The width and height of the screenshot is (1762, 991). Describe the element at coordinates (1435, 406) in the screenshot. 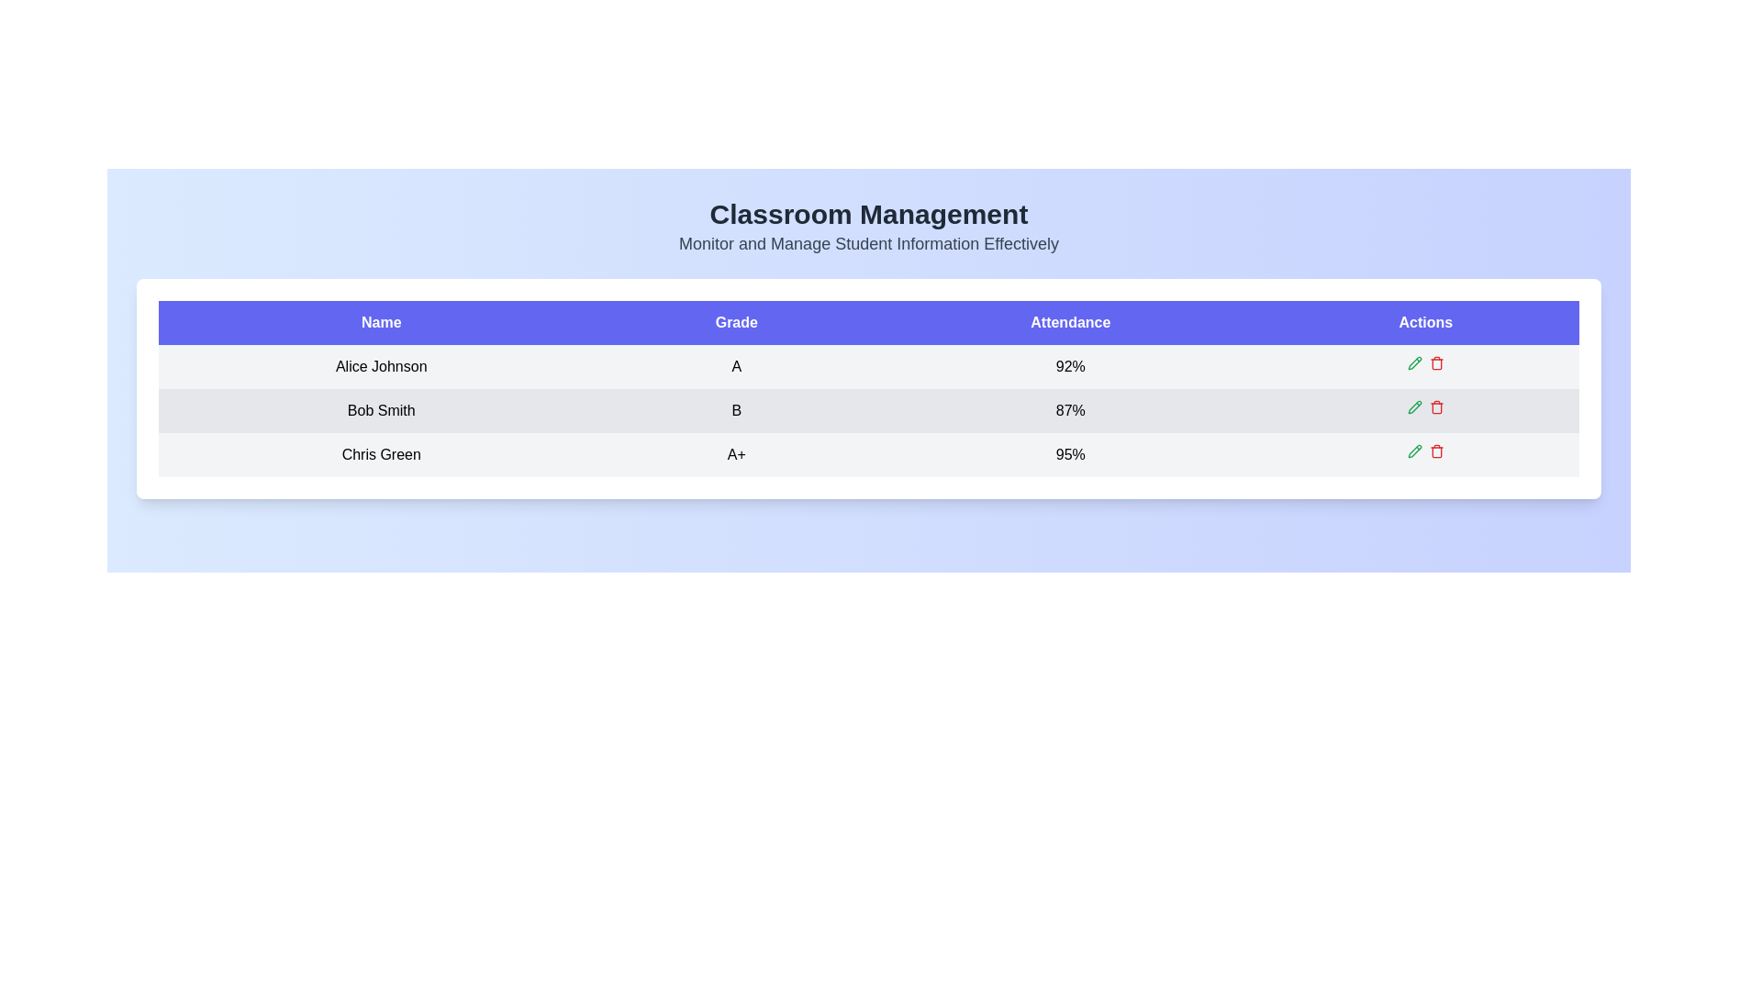

I see `the red trash can icon in the 'Actions' column of the table row for 'Bob Smith'` at that location.